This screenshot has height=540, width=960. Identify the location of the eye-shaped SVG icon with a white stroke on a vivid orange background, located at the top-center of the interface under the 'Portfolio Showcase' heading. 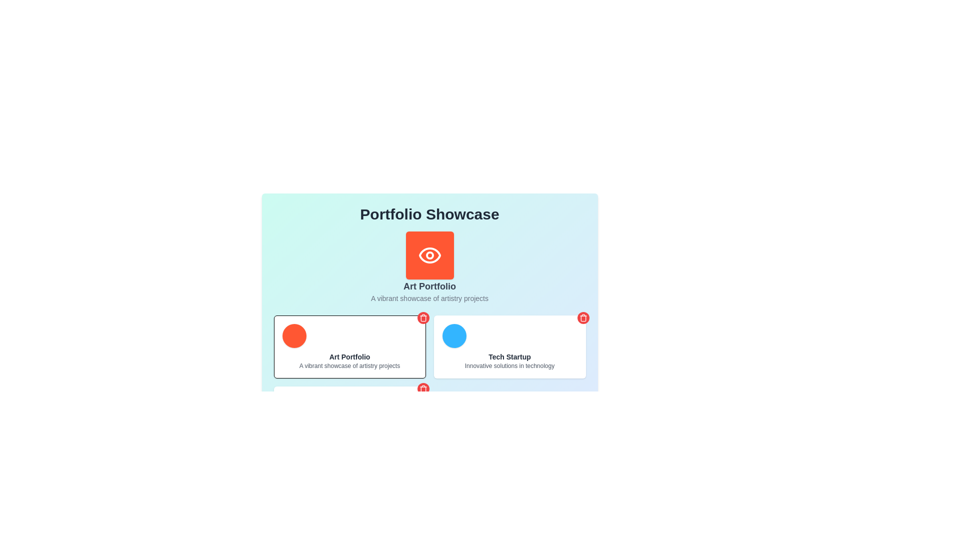
(429, 254).